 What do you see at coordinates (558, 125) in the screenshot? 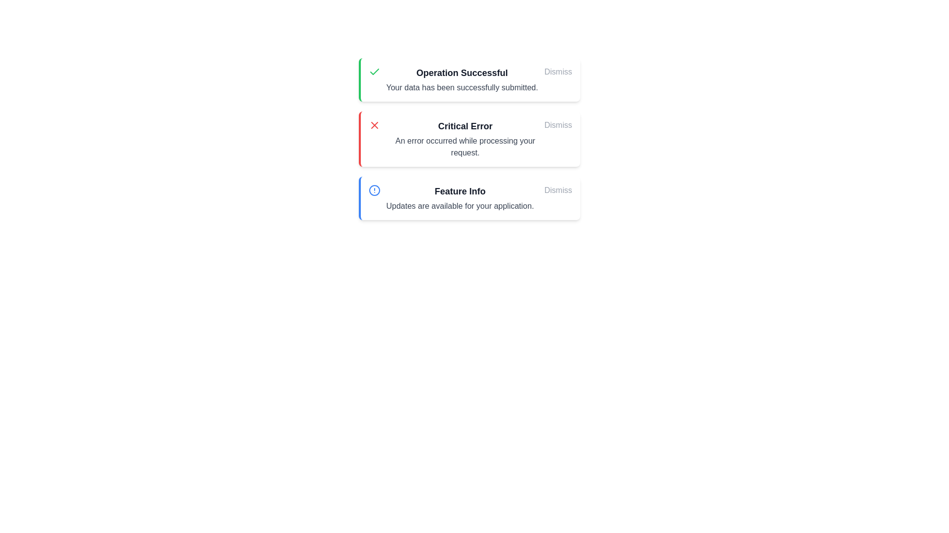
I see `'Dismiss' button for the message titled 'Critical Error'` at bounding box center [558, 125].